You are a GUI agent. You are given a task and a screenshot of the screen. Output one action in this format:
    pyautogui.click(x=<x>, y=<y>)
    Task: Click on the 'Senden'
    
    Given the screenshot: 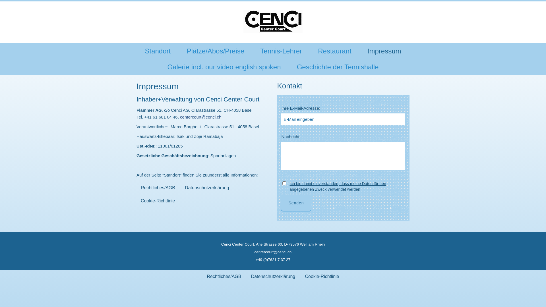 What is the action you would take?
    pyautogui.click(x=296, y=202)
    